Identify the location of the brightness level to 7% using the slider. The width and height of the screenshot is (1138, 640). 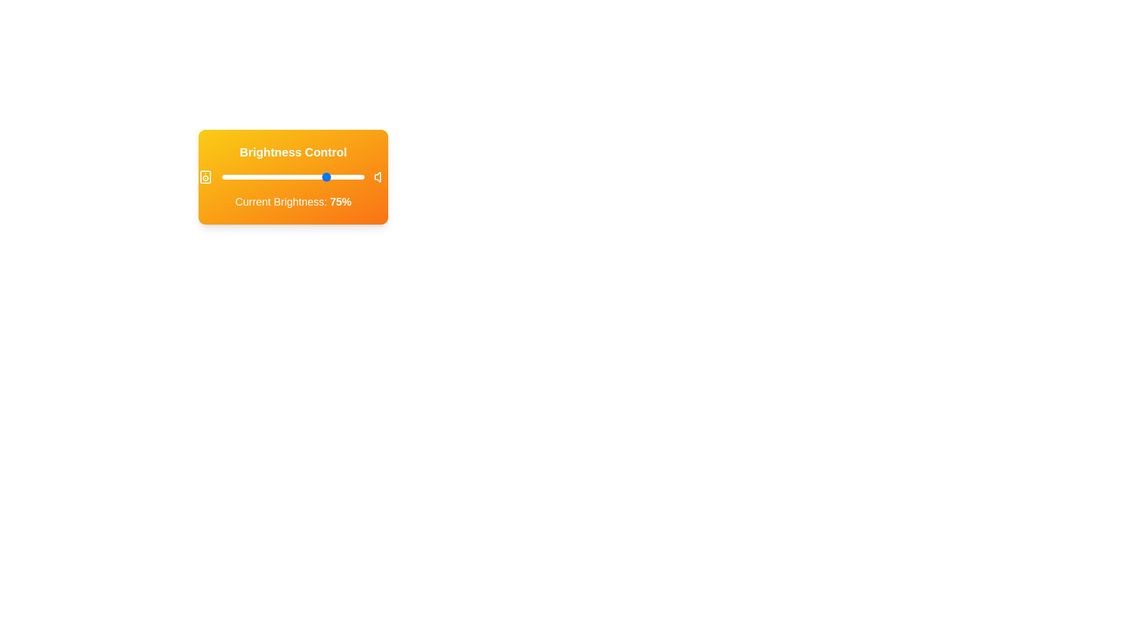
(232, 177).